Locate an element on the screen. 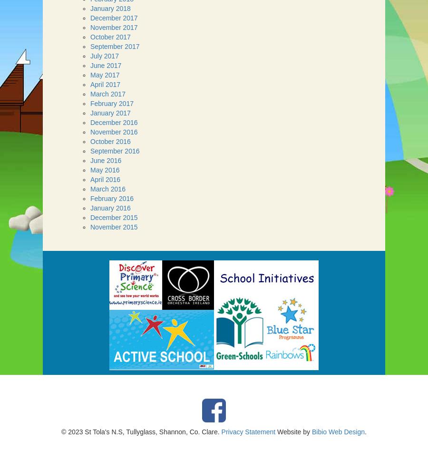  'January 2016' is located at coordinates (110, 207).